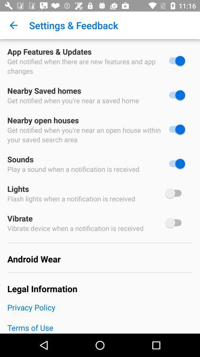 The width and height of the screenshot is (200, 357). What do you see at coordinates (175, 129) in the screenshot?
I see `switch nearby open houses option` at bounding box center [175, 129].